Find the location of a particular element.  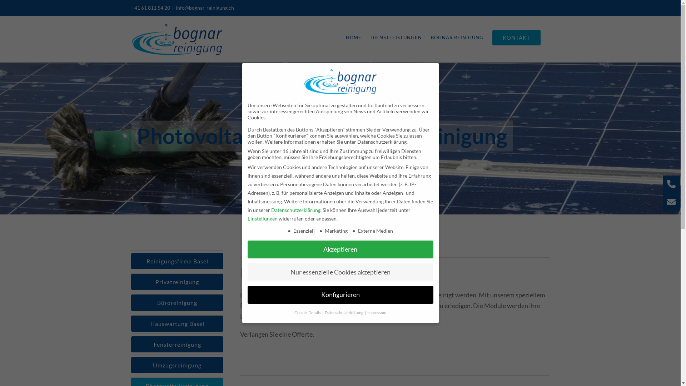

'DIENSTLEISTUNGEN' is located at coordinates (396, 37).